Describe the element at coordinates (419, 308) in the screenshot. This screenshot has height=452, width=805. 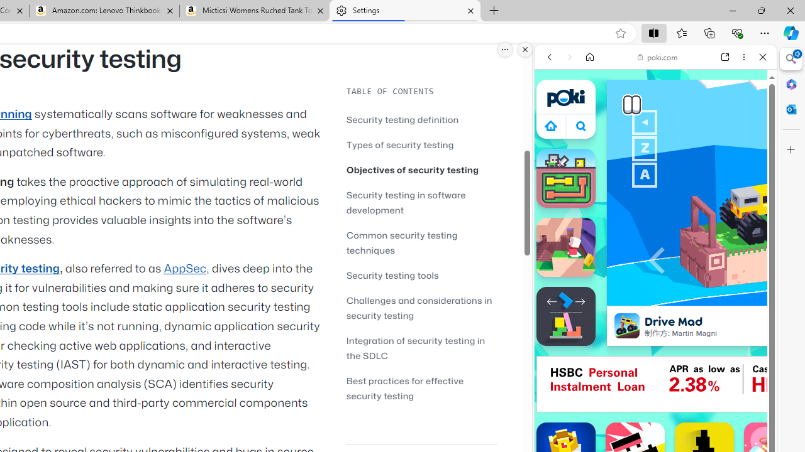
I see `'Challenges and considerations in security testing'` at that location.